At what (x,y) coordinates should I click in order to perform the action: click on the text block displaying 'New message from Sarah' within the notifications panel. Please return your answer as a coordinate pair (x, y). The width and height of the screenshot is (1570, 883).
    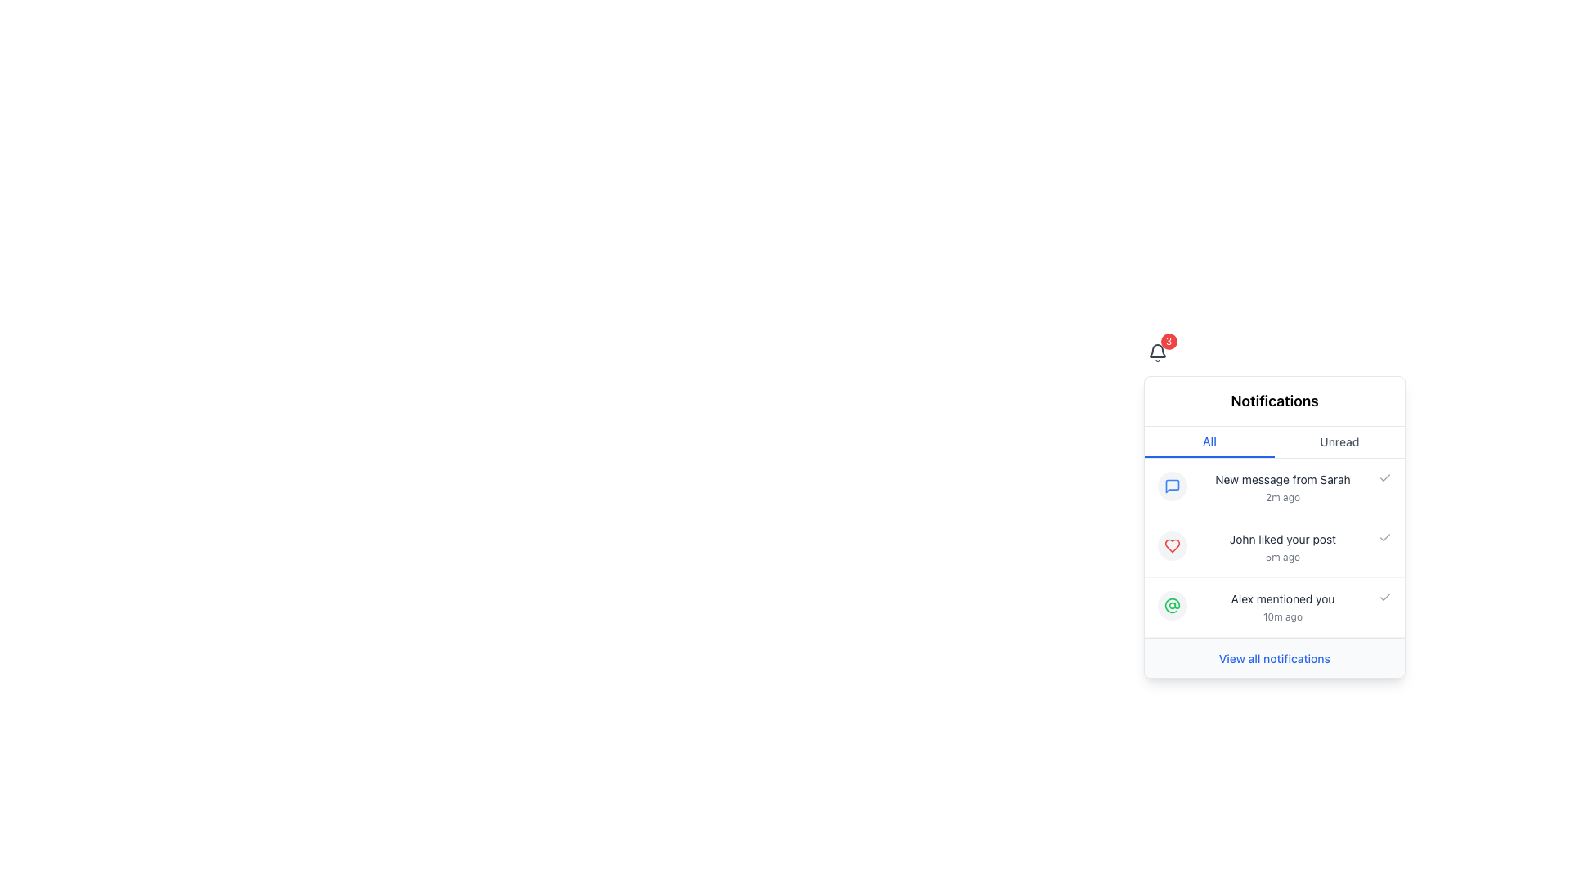
    Looking at the image, I should click on (1282, 487).